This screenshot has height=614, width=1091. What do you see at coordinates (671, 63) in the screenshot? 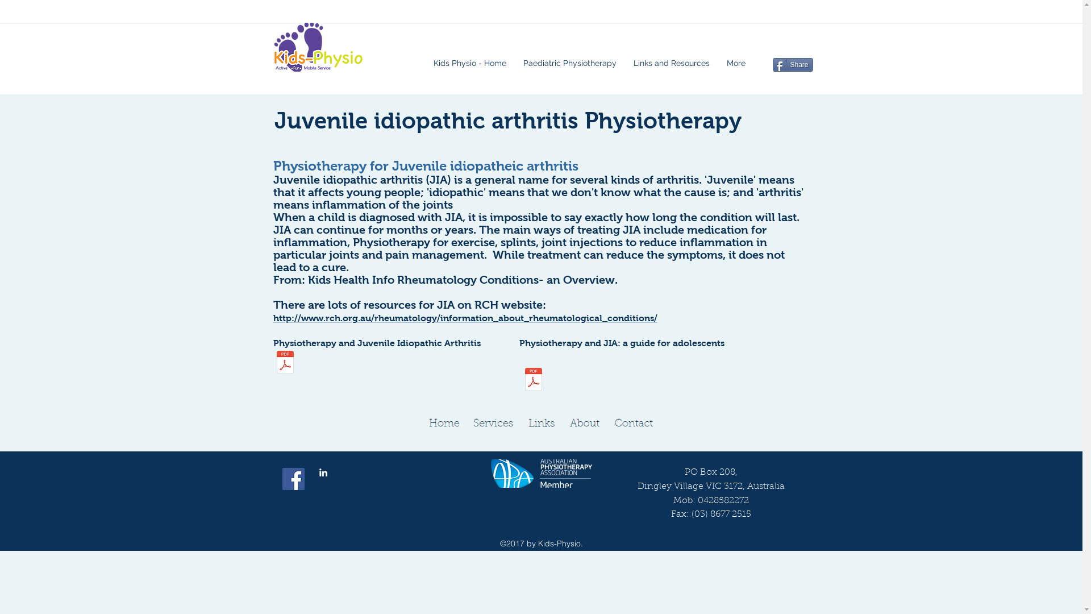
I see `'Links and Resources'` at bounding box center [671, 63].